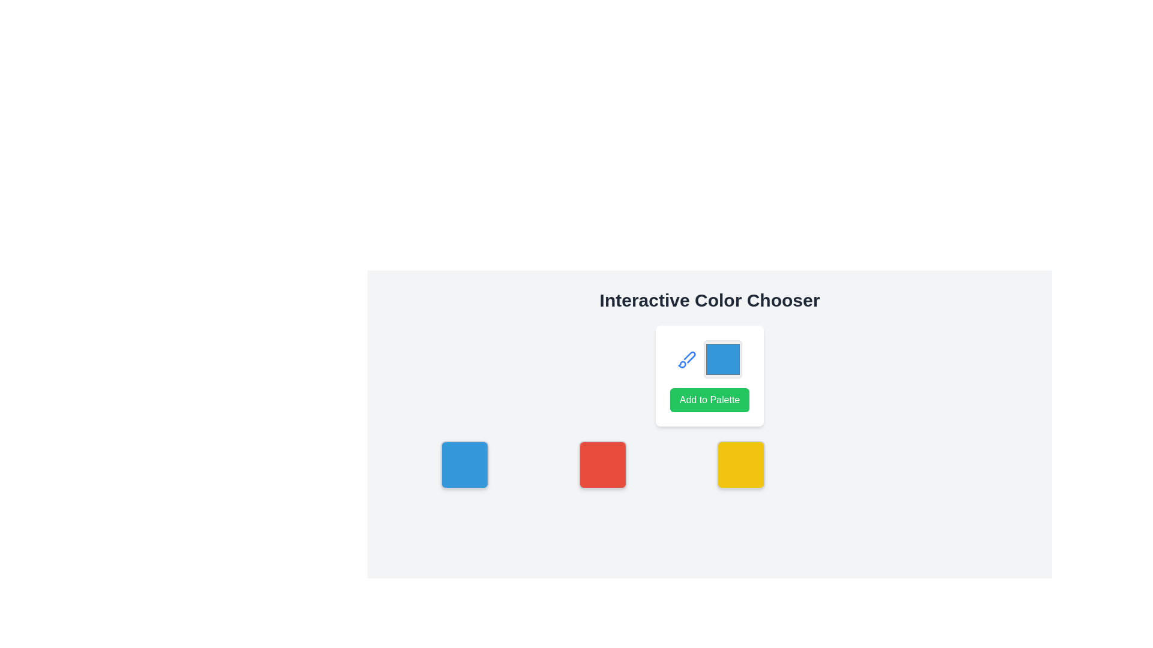  I want to click on the second color selection box, which represents the red color option in the color chooser interface, so click(602, 464).